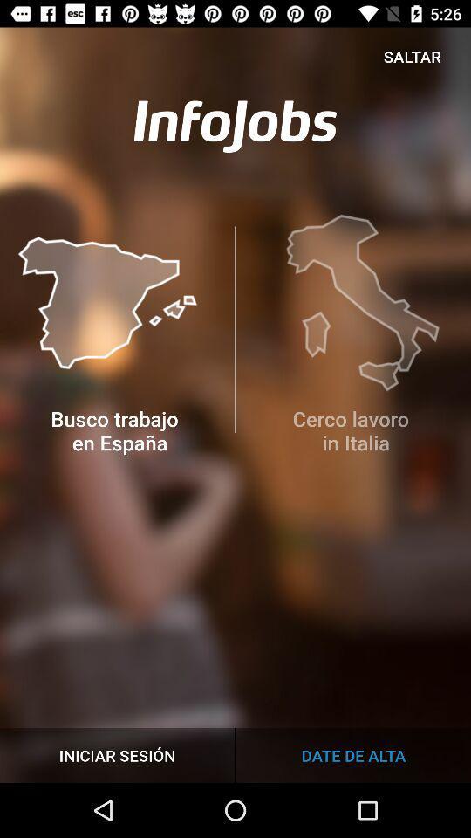 This screenshot has height=838, width=471. I want to click on the date de alta item, so click(353, 754).